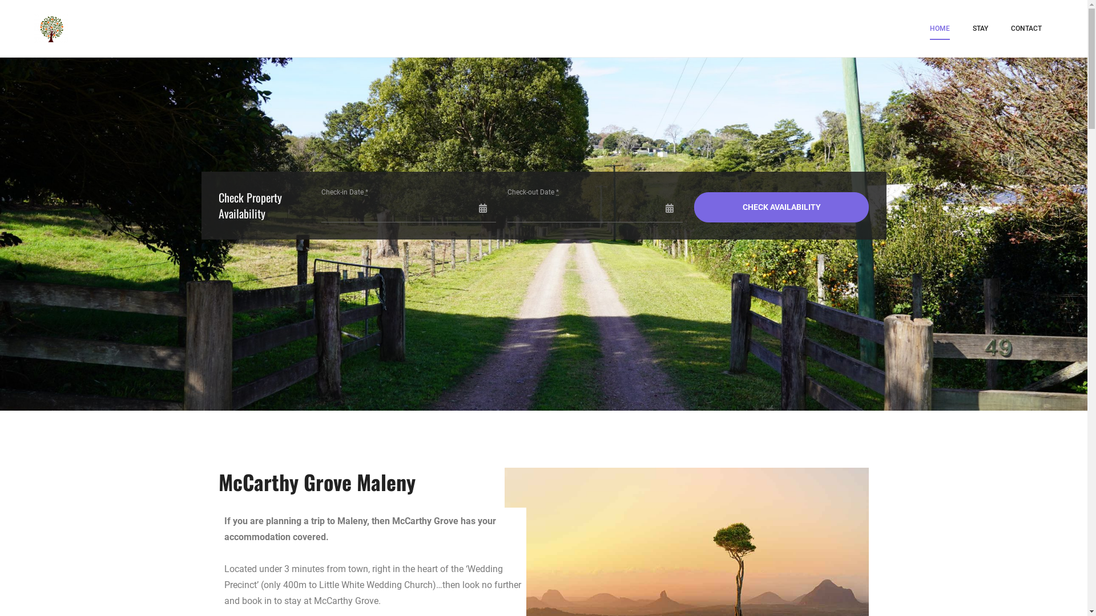 The width and height of the screenshot is (1096, 616). I want to click on 'STAY', so click(972, 28).